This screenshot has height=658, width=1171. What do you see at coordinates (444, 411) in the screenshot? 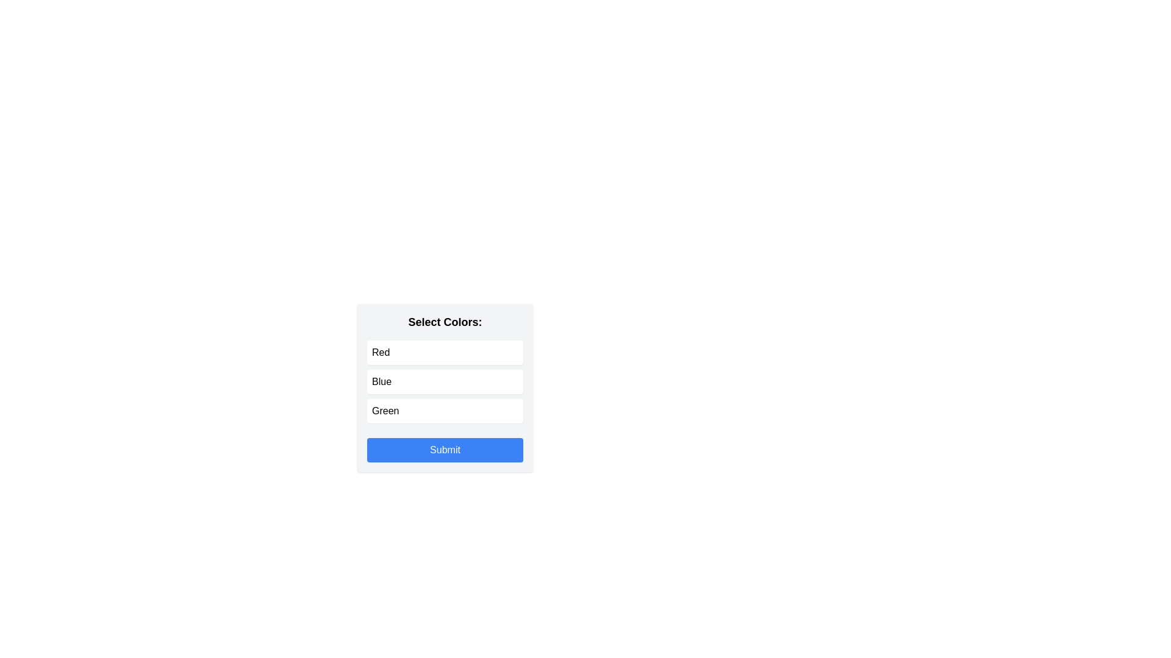
I see `the selectable list item labeled 'Green', which is the third option in a vertically stacked group of selectable options` at bounding box center [444, 411].